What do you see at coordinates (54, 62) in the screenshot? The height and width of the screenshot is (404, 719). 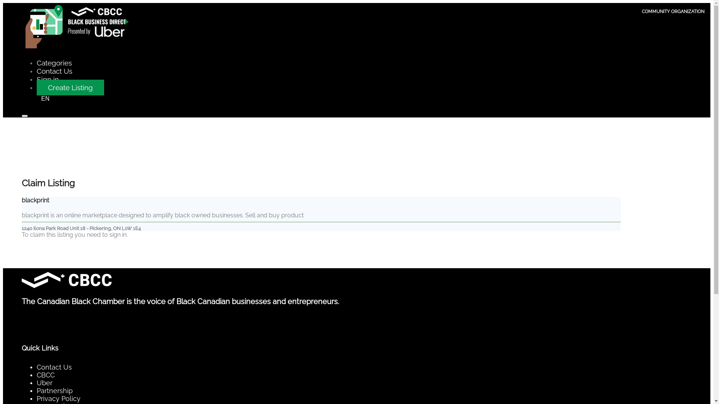 I see `'Categories'` at bounding box center [54, 62].